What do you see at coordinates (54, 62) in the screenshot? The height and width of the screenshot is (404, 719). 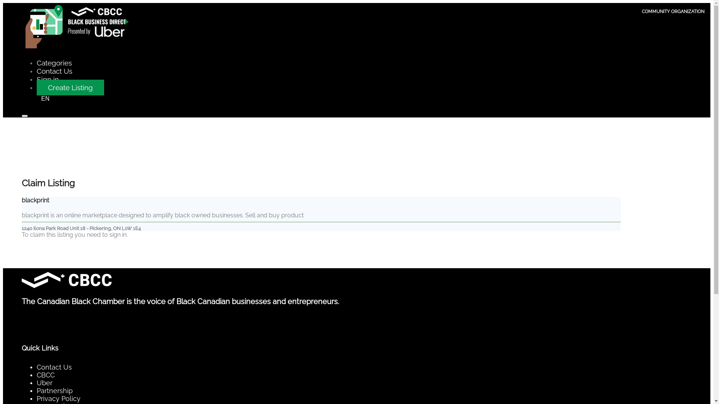 I see `'Categories'` at bounding box center [54, 62].